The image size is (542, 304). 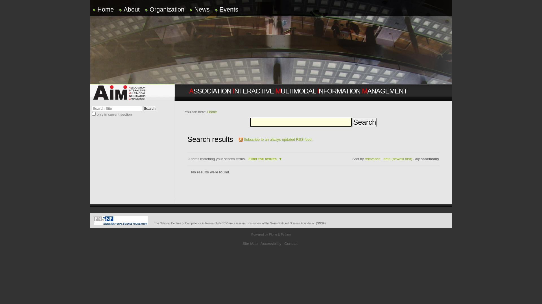 I want to click on 'Accessibility', so click(x=271, y=243).